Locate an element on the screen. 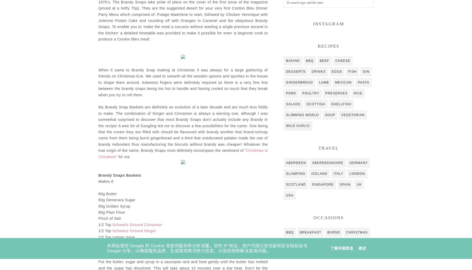  'breakfast' is located at coordinates (310, 232).